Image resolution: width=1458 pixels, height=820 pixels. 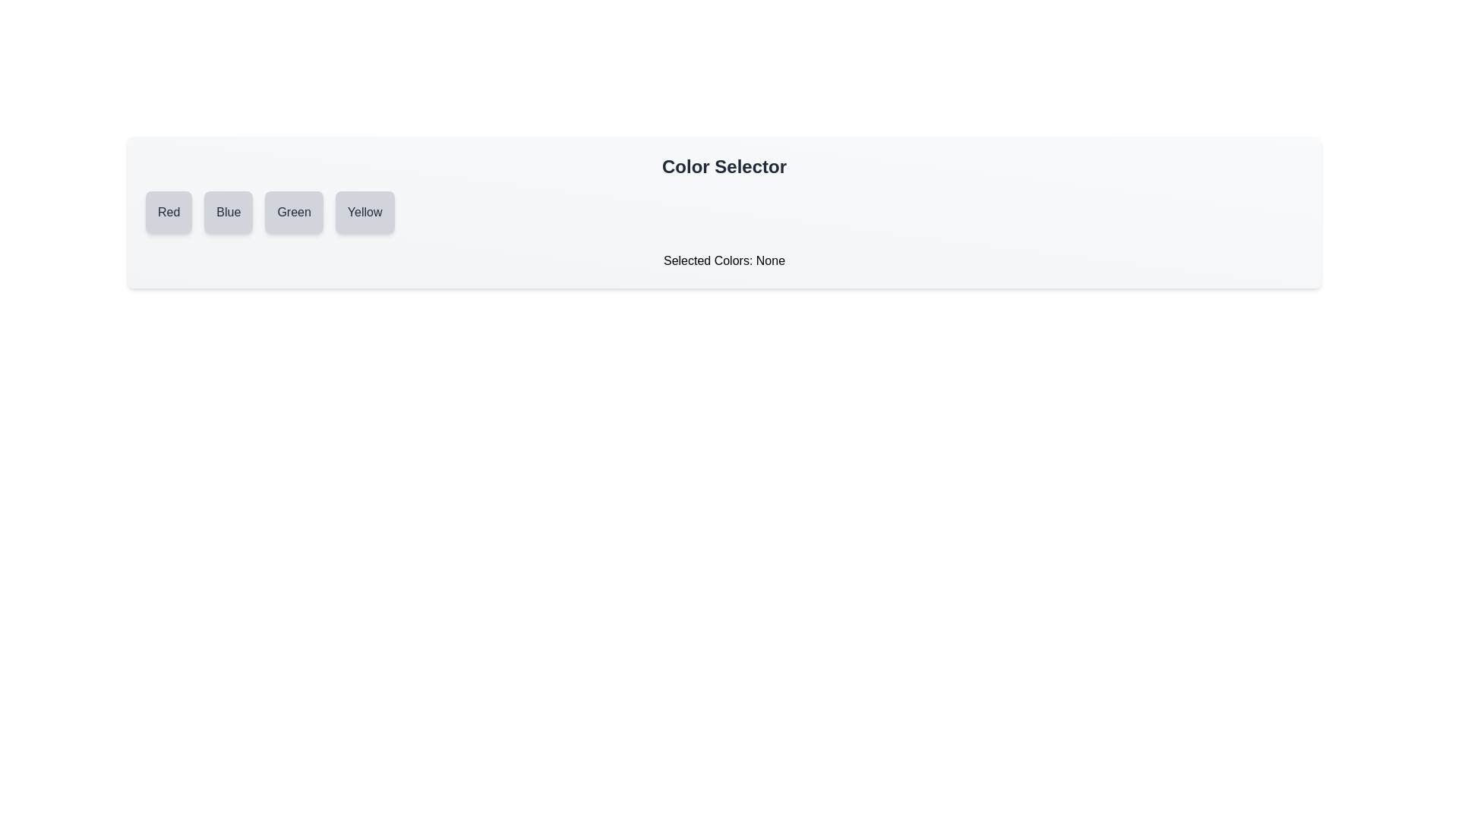 What do you see at coordinates (364, 213) in the screenshot?
I see `the color Yellow by clicking its button` at bounding box center [364, 213].